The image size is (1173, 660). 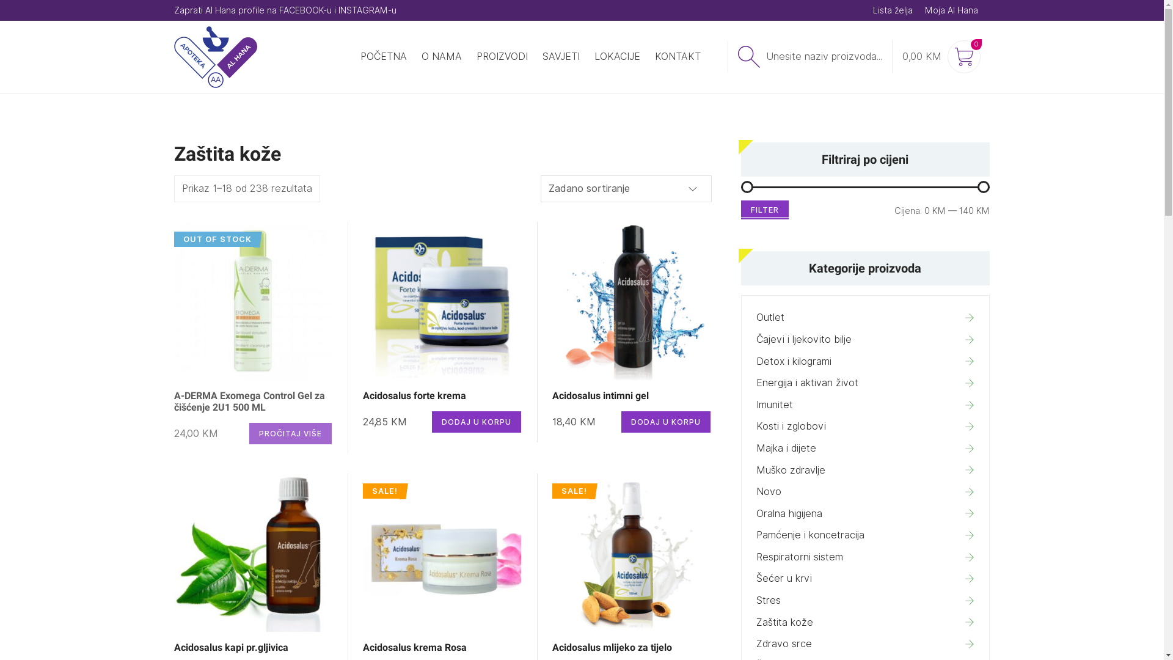 I want to click on 'Zdravo srce', so click(x=864, y=643).